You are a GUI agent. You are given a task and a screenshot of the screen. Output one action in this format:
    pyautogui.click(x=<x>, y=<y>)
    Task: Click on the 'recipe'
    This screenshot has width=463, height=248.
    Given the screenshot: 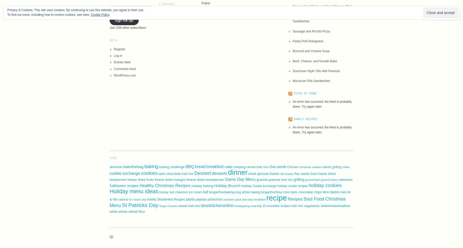 What is the action you would take?
    pyautogui.click(x=276, y=197)
    